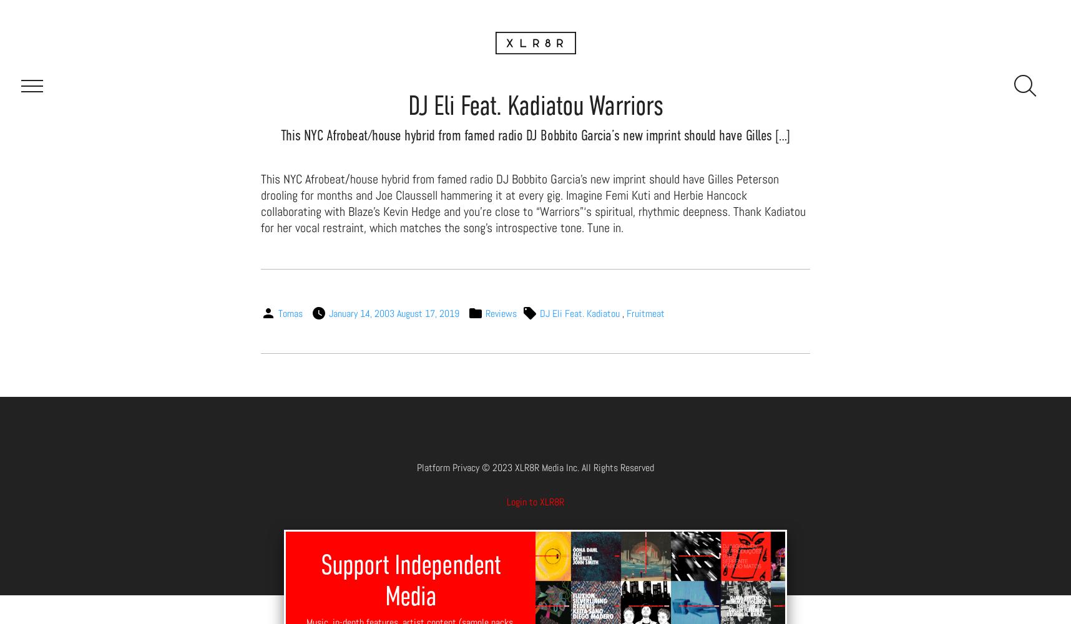 This screenshot has height=624, width=1071. What do you see at coordinates (535, 277) in the screenshot?
I see `'Downloads'` at bounding box center [535, 277].